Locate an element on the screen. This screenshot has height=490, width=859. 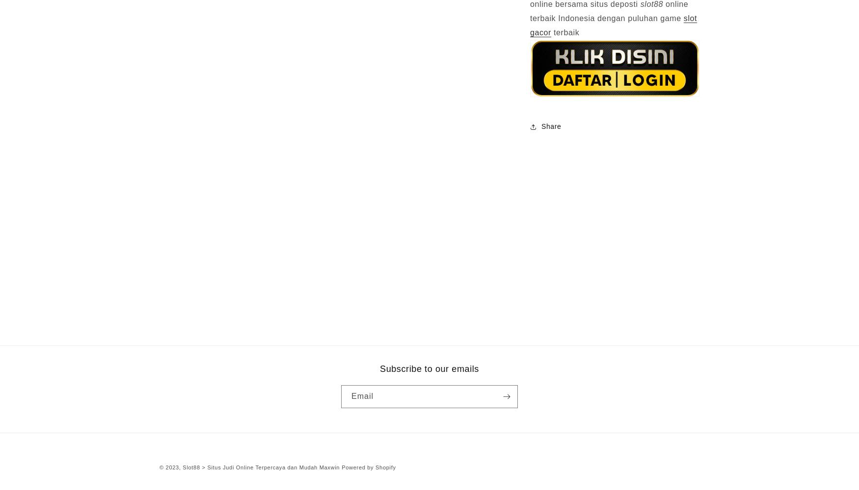
'© 2023,' is located at coordinates (171, 466).